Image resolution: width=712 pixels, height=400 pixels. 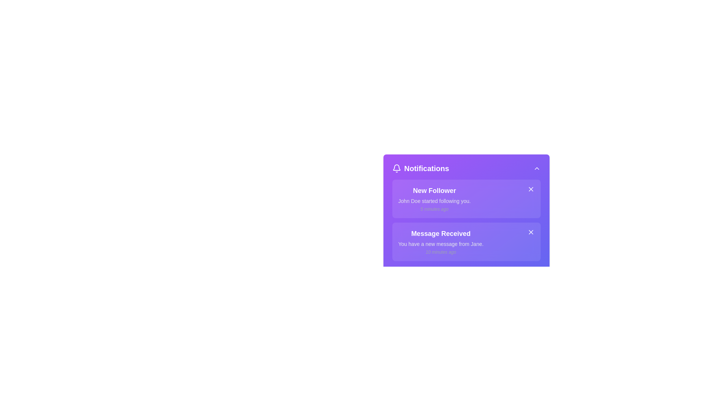 I want to click on the Close button, which is a small circular icon with a white 'X' symbol located in the top-right corner of the first notification card under the 'Notifications' section, so click(x=530, y=189).